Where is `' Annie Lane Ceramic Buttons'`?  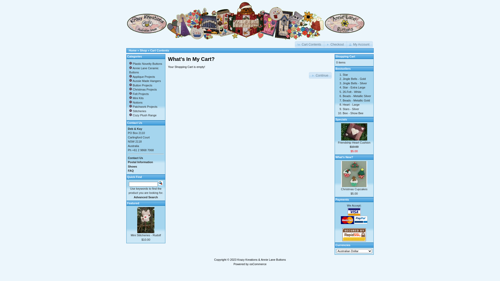
' Annie Lane Ceramic Buttons' is located at coordinates (144, 70).